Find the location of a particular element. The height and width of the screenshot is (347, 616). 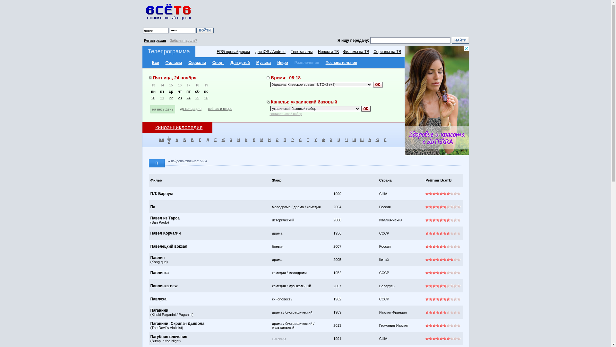

'17' is located at coordinates (186, 85).